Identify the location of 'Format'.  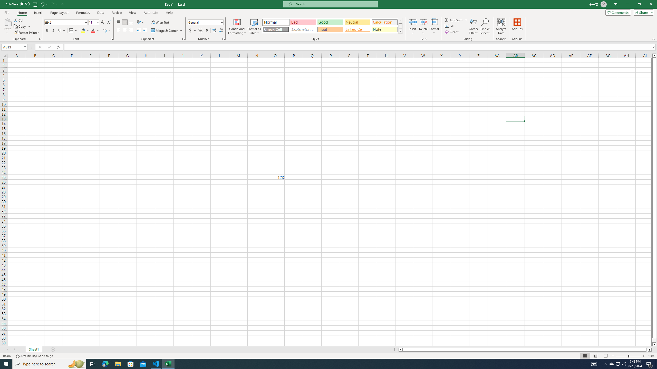
(434, 26).